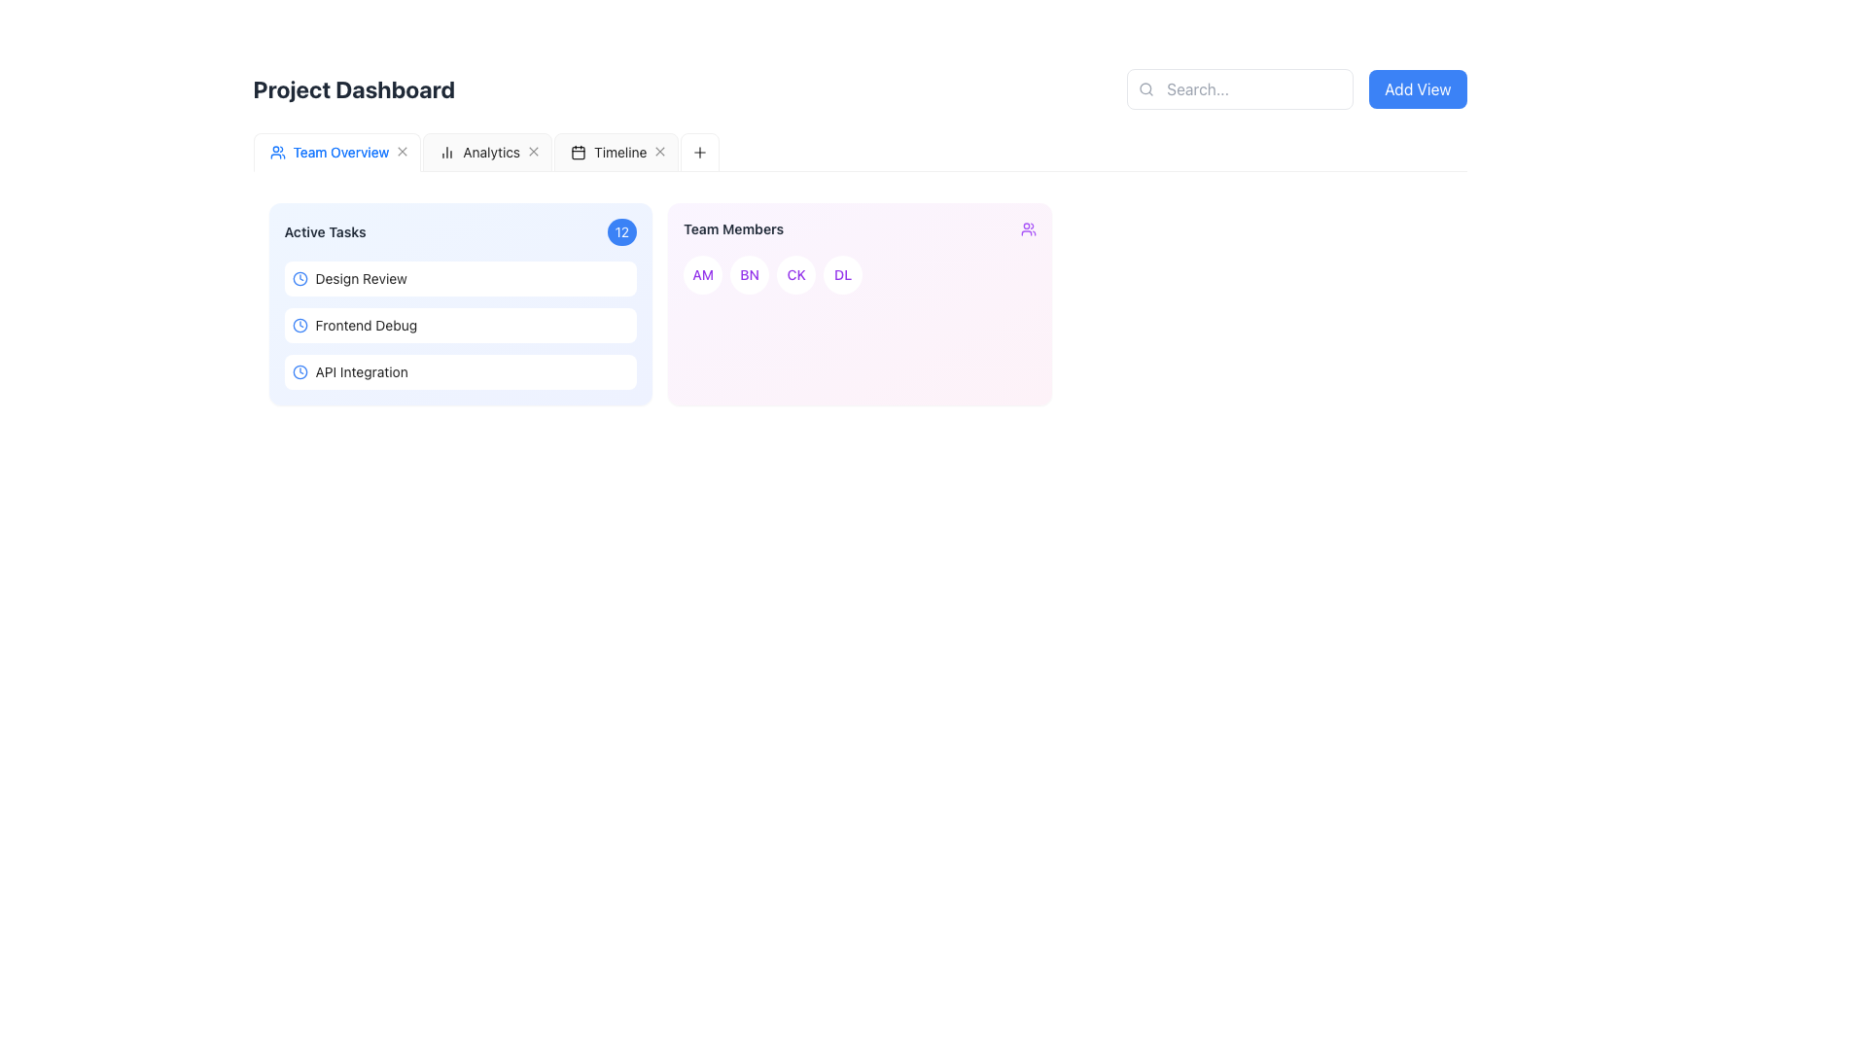 The height and width of the screenshot is (1050, 1867). Describe the element at coordinates (534, 151) in the screenshot. I see `the close icon located at the upper-right corner of the 'Analytics' tab` at that location.